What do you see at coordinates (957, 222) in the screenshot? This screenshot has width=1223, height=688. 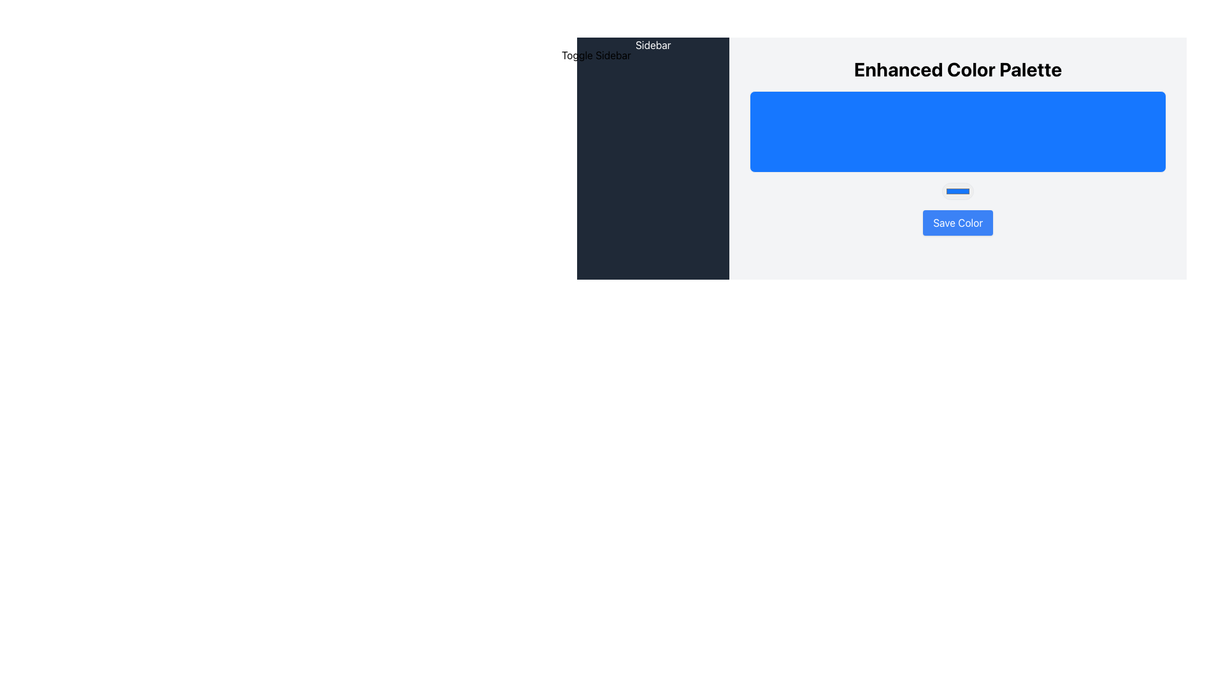 I see `the save button located in the lower section of the layout, directly beneath the color preview bar` at bounding box center [957, 222].